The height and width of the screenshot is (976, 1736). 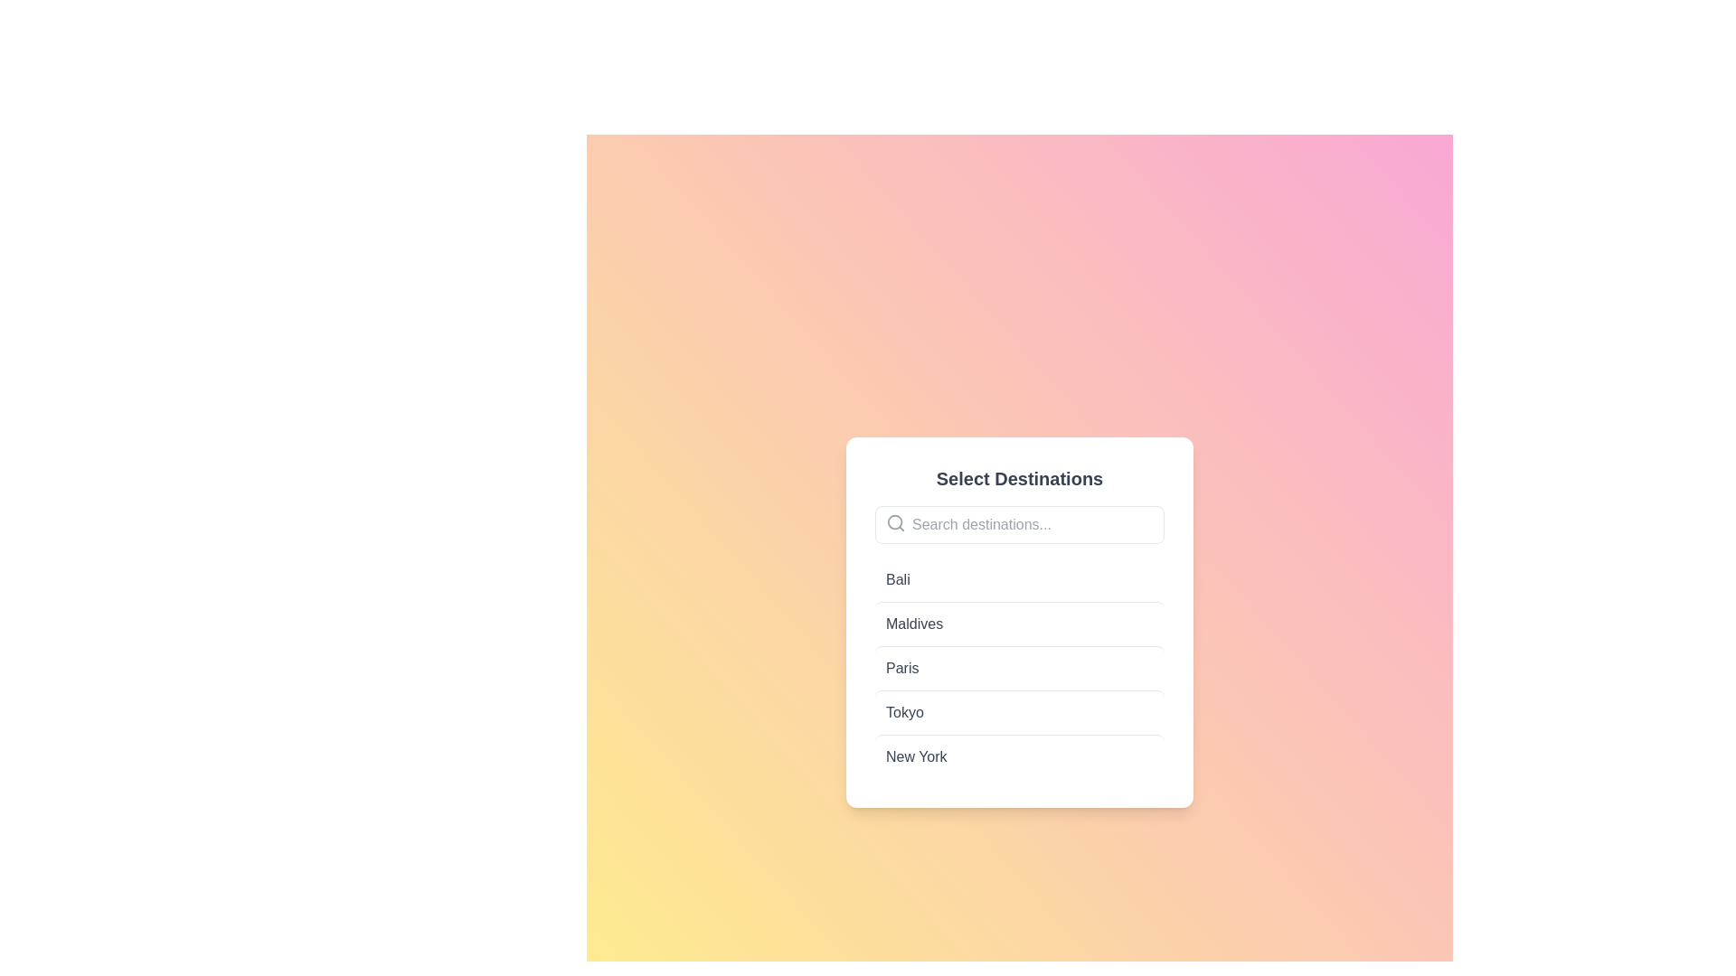 What do you see at coordinates (904, 712) in the screenshot?
I see `the text label displaying 'Tokyo', which is the fourth destination in the vertical list under 'Select Destinations'` at bounding box center [904, 712].